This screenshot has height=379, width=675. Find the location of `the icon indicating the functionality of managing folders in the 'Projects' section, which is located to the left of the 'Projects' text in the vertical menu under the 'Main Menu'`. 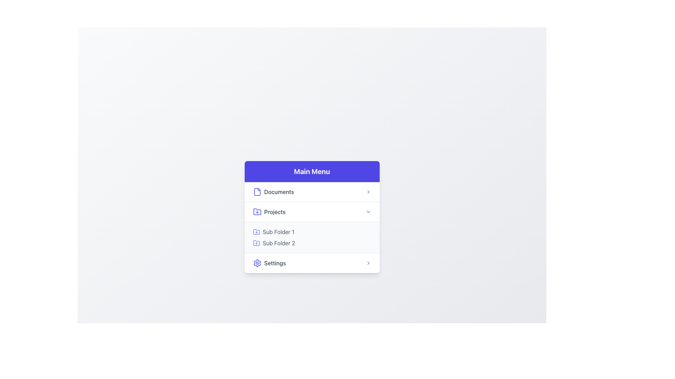

the icon indicating the functionality of managing folders in the 'Projects' section, which is located to the left of the 'Projects' text in the vertical menu under the 'Main Menu' is located at coordinates (257, 211).